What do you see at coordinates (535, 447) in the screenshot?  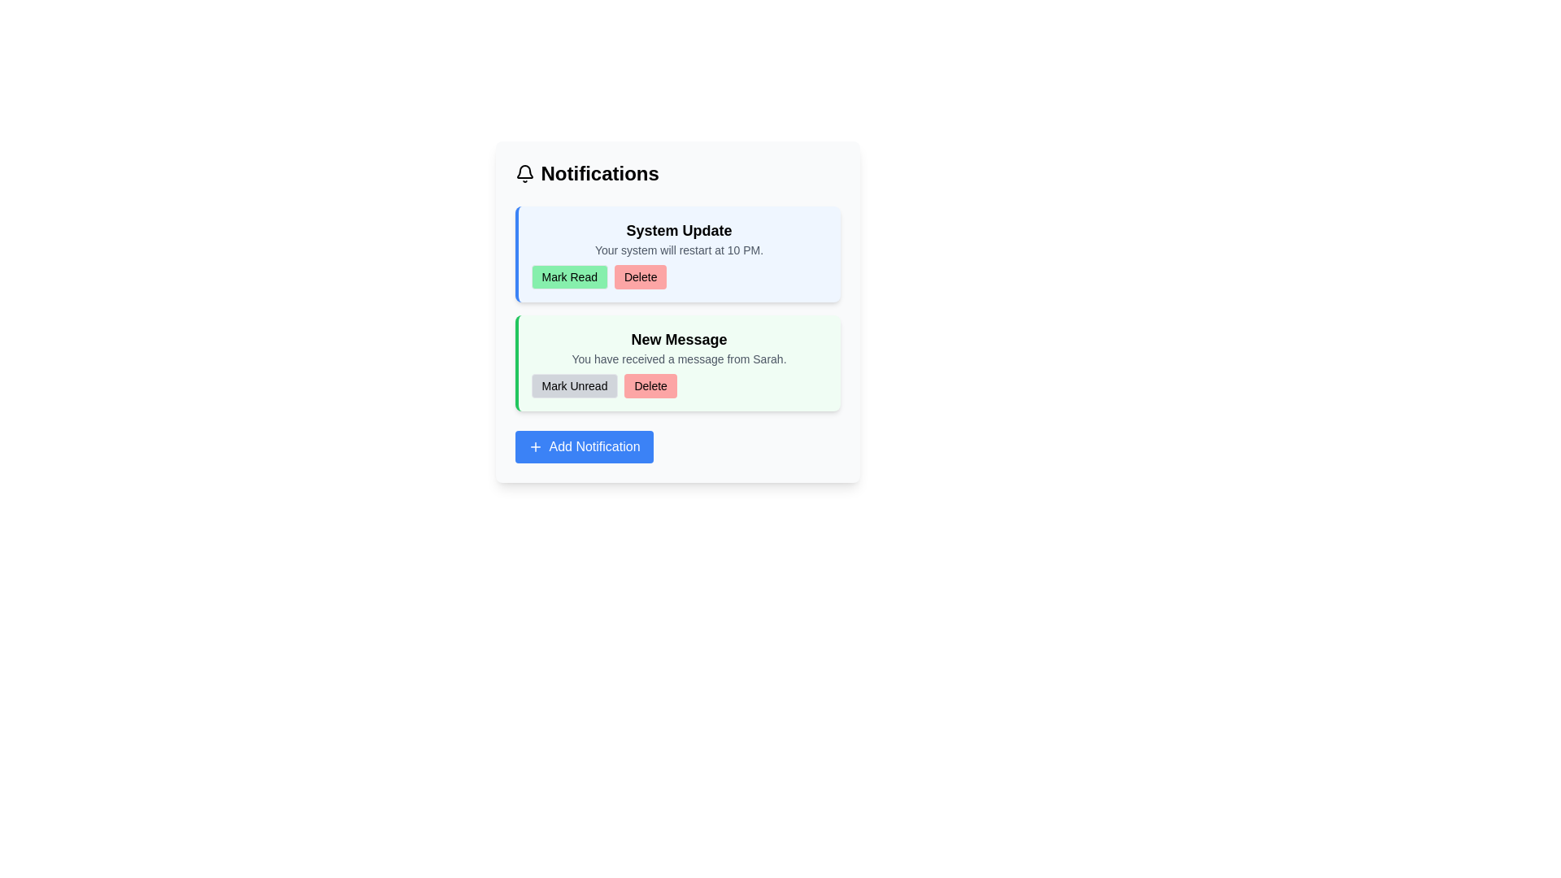 I see `the plus sign icon within the 'Add Notification' button` at bounding box center [535, 447].